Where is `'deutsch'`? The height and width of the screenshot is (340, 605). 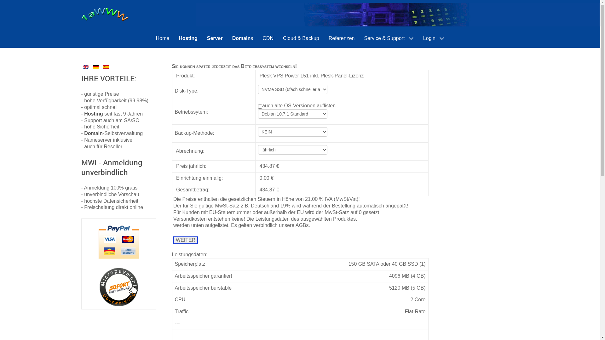 'deutsch' is located at coordinates (95, 67).